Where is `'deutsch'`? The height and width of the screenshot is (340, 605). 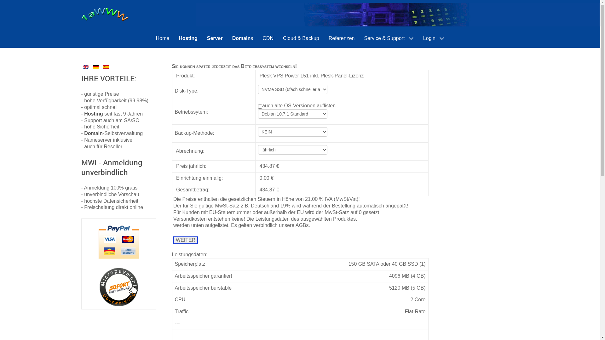 'deutsch' is located at coordinates (95, 67).